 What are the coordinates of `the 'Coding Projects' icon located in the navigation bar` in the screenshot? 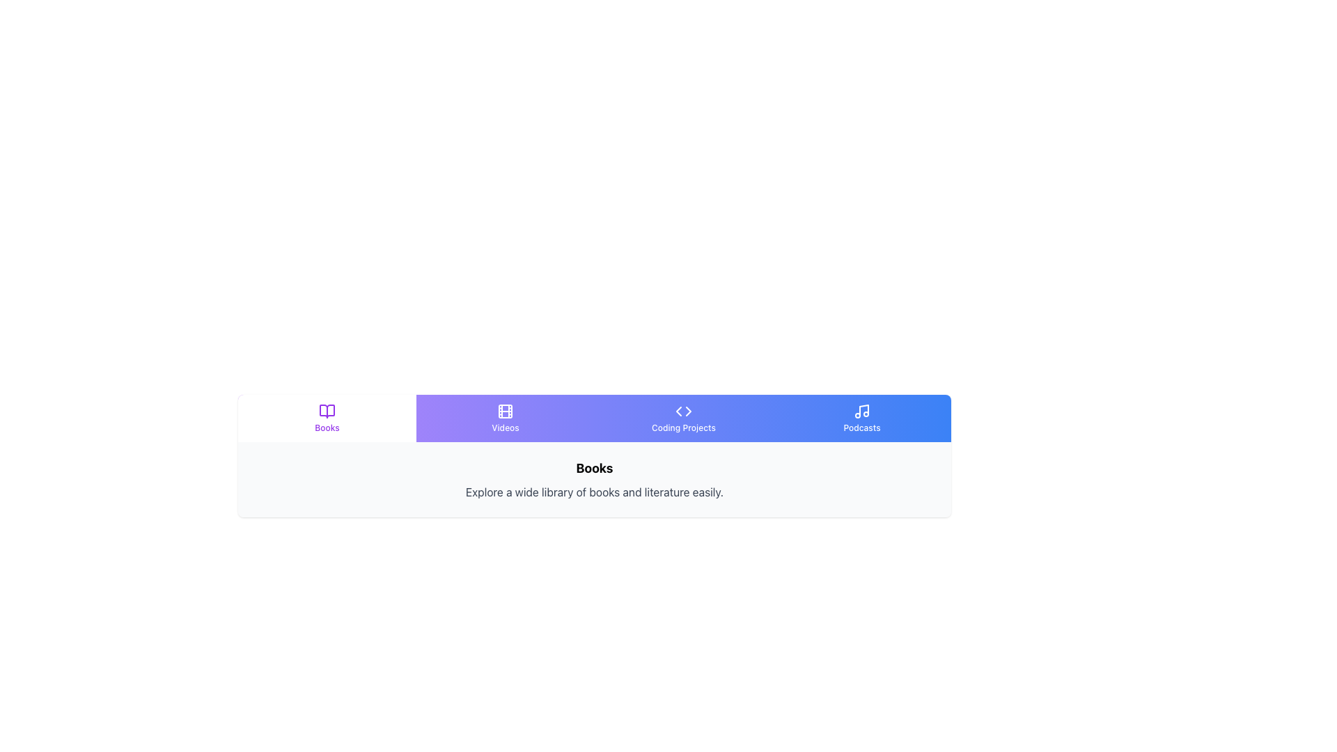 It's located at (684, 410).